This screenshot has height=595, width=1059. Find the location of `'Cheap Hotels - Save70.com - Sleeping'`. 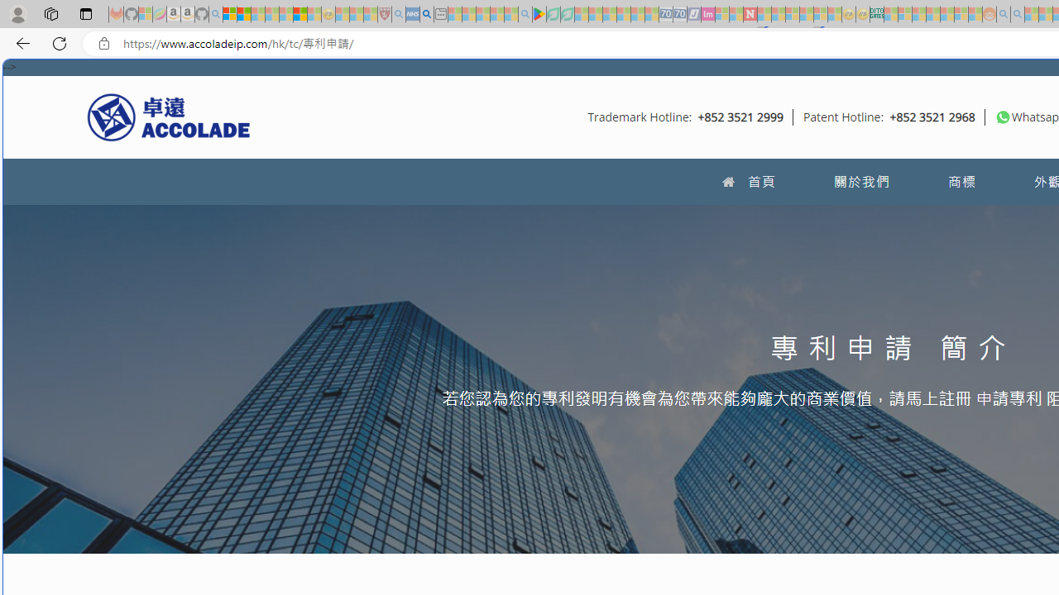

'Cheap Hotels - Save70.com - Sleeping' is located at coordinates (679, 14).